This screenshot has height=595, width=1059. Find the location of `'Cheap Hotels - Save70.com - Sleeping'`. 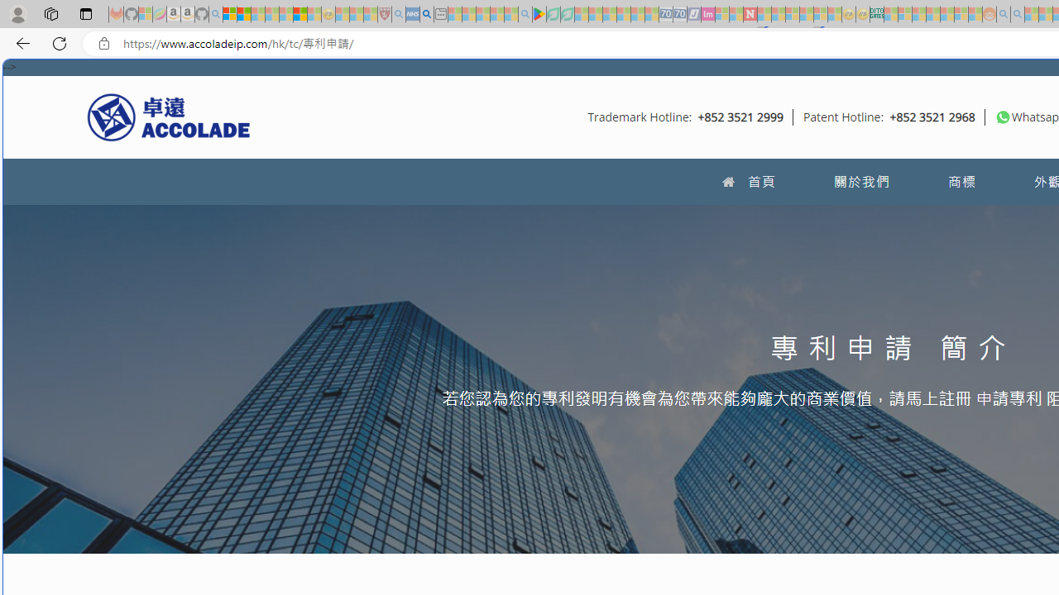

'Cheap Hotels - Save70.com - Sleeping' is located at coordinates (679, 14).